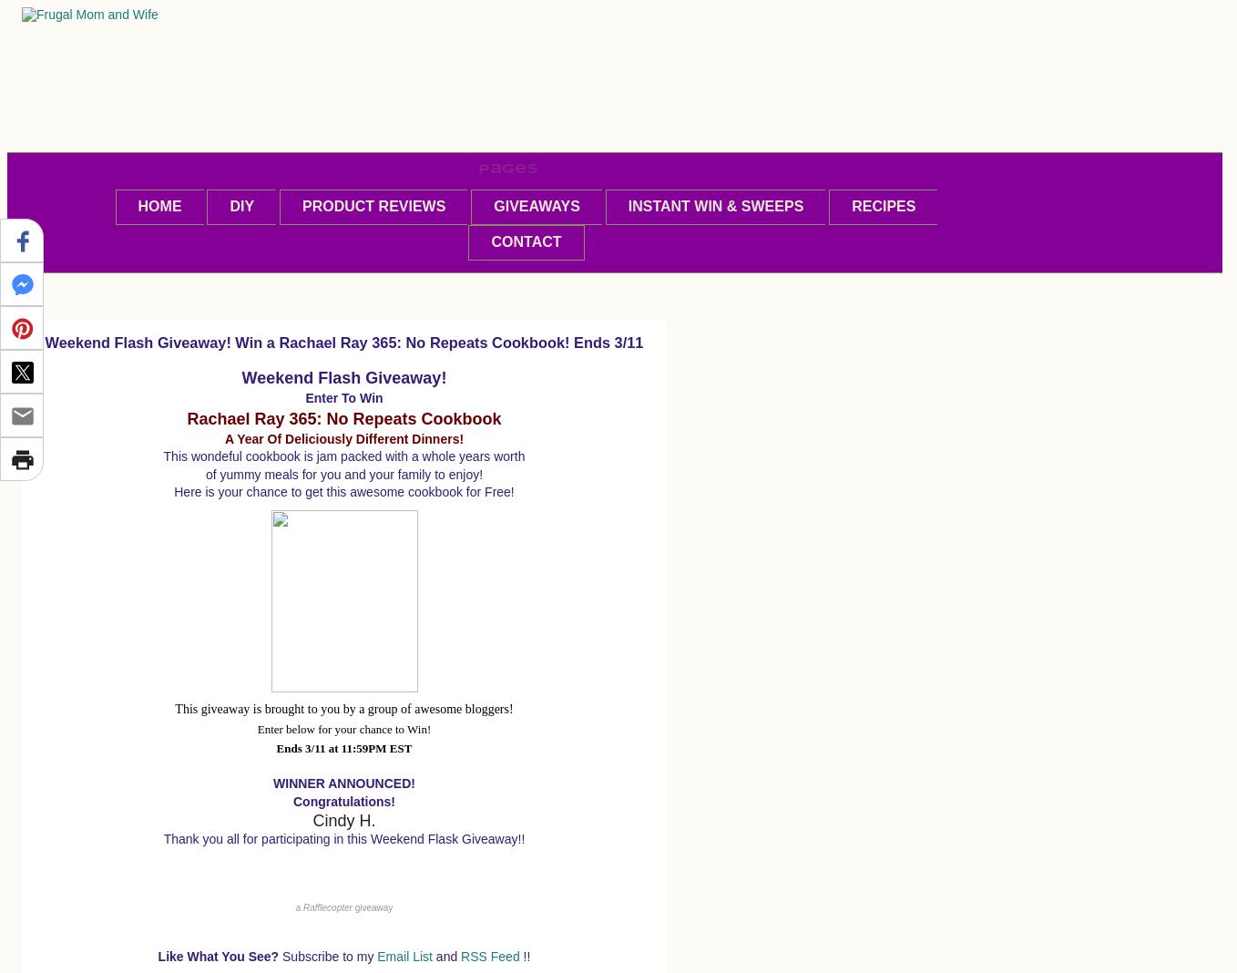 Image resolution: width=1237 pixels, height=973 pixels. Describe the element at coordinates (884, 206) in the screenshot. I see `'RECIPES'` at that location.